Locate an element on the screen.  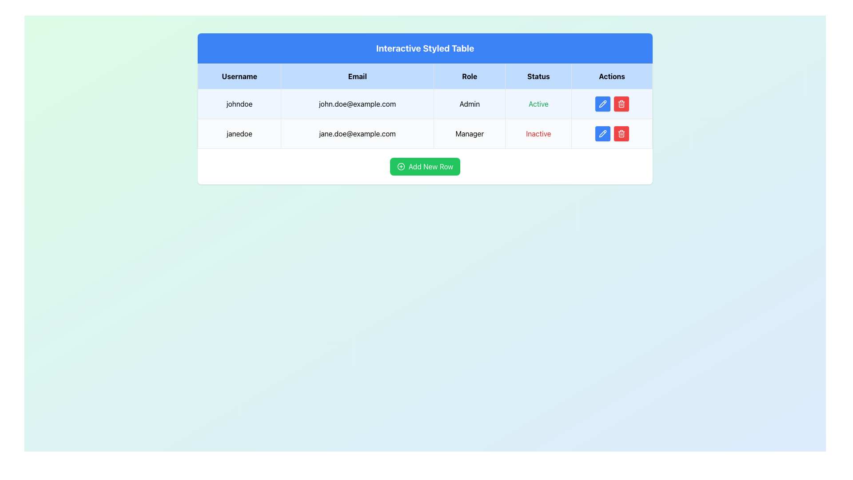
the 'edit' button in the Action button group located in the 'Actions' column of the first row of the table, which has a blue background and a pencil icon is located at coordinates (611, 104).